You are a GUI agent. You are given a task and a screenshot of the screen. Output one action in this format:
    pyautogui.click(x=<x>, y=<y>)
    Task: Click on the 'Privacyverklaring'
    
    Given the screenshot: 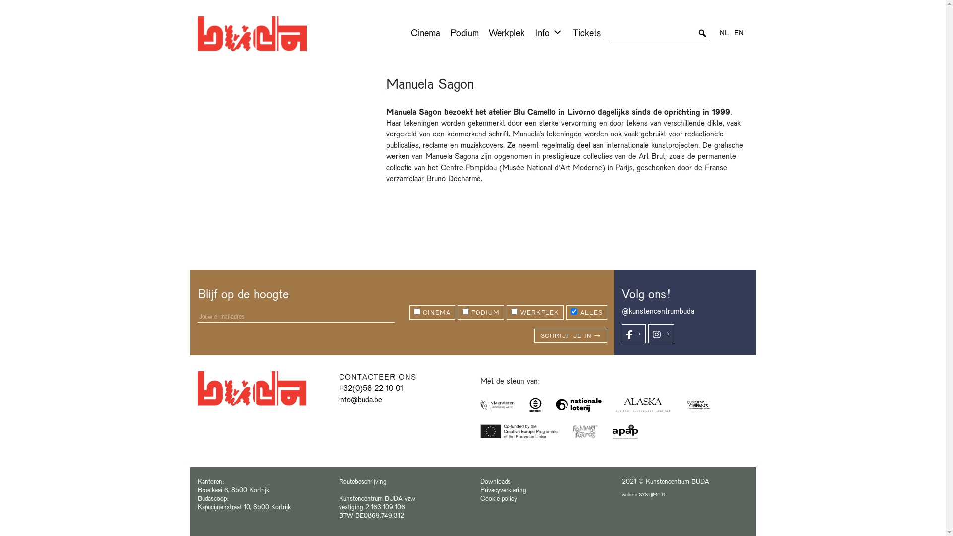 What is the action you would take?
    pyautogui.click(x=503, y=489)
    